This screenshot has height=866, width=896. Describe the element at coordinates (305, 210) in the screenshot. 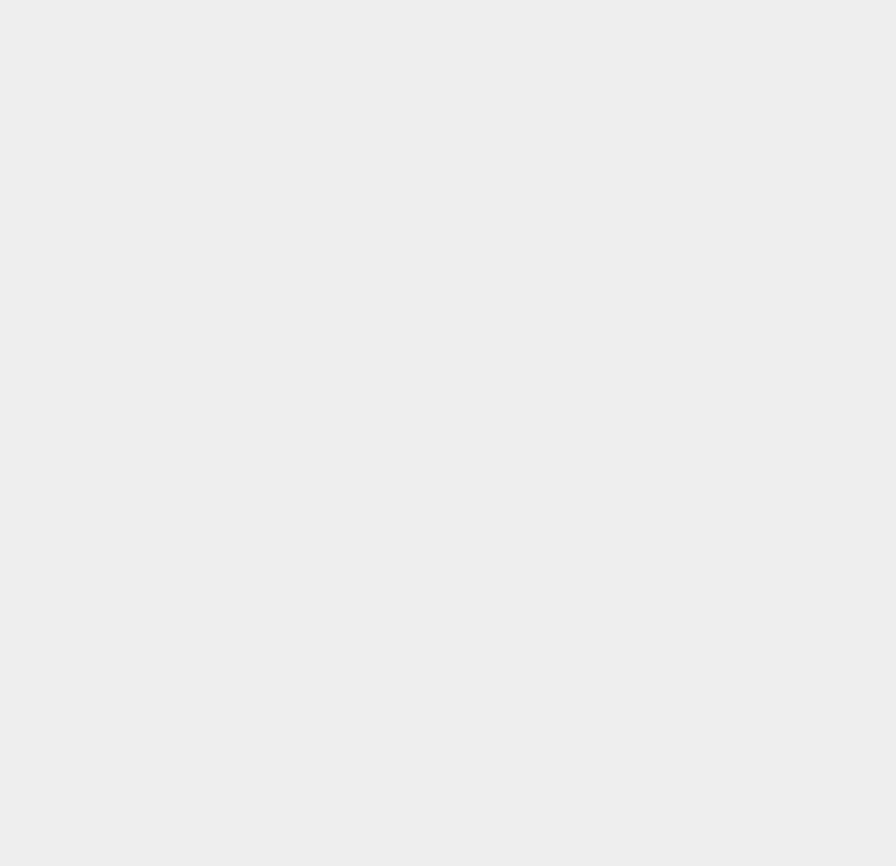

I see `'While the volume of users being tested with the new design appears to be increasing, Facebook is still clearly in the process of making ongoing adjustments. The most significant change in this latest iteration is the adjustment of the chat. Aside from that, Facebook is only making subtle adjustments at this point. You can see the difference from the last iteration in the screenshots below.'` at that location.